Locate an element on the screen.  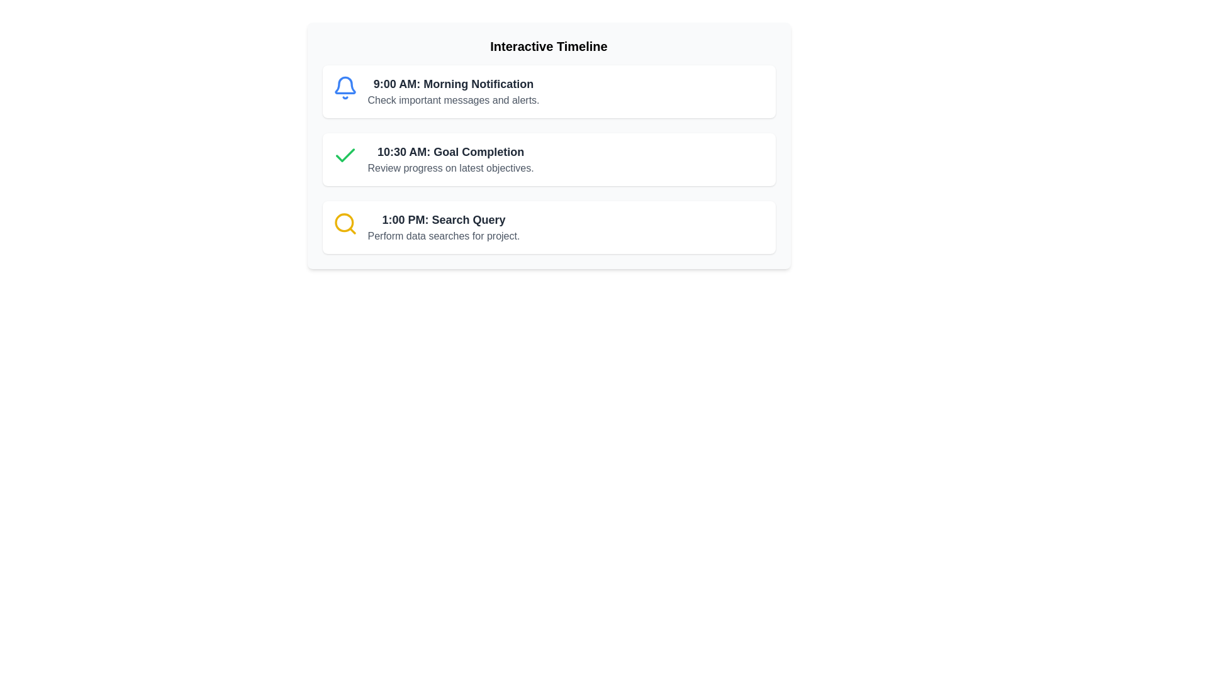
supplementary information text label for the timeline entry '9:00 AM: Morning Notification', which is located directly under the entry's header is located at coordinates (453, 99).